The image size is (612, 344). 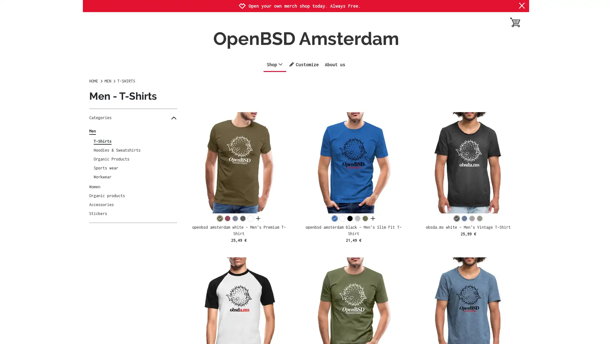 I want to click on heather blue, so click(x=235, y=218).